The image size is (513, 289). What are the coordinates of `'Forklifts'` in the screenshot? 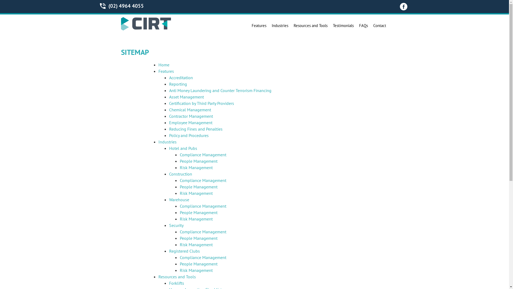 It's located at (176, 283).